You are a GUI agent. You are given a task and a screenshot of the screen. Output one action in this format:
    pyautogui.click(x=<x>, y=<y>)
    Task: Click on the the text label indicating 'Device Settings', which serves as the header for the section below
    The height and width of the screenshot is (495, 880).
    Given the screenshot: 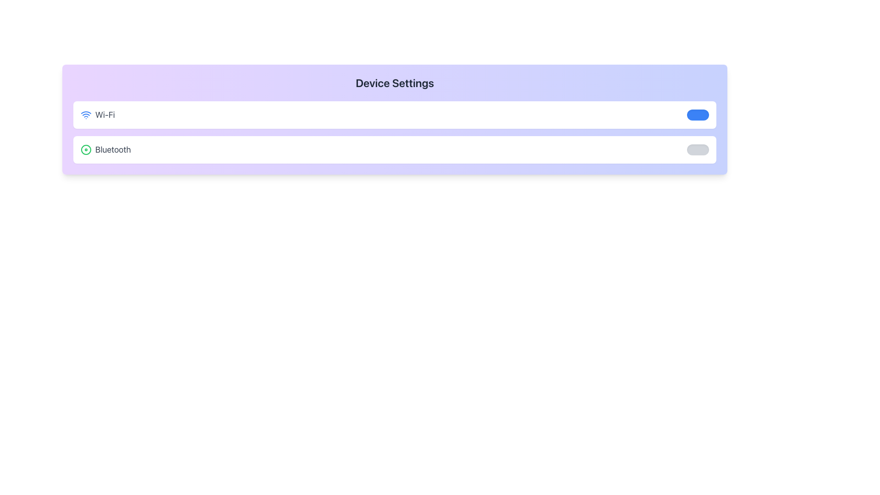 What is the action you would take?
    pyautogui.click(x=395, y=83)
    